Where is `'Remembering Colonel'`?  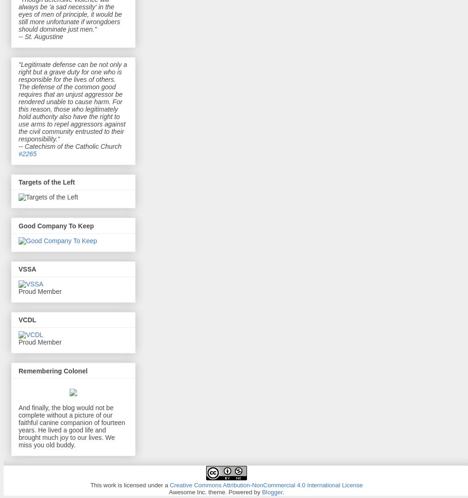 'Remembering Colonel' is located at coordinates (53, 370).